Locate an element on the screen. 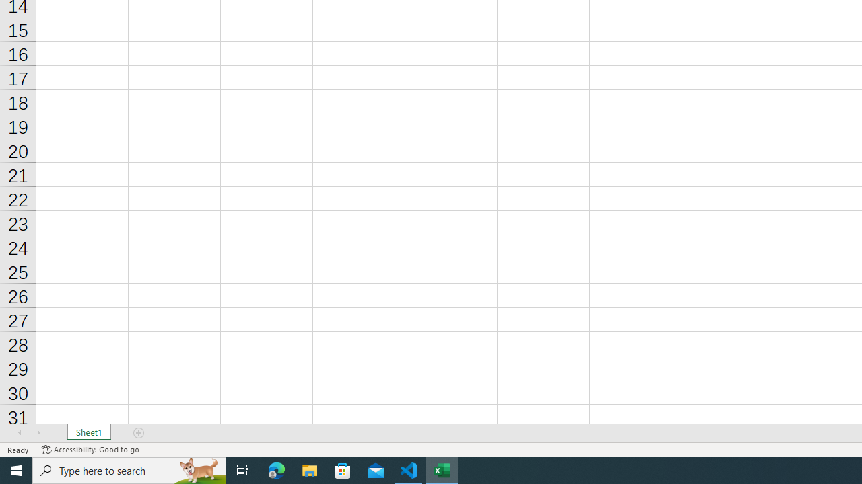 This screenshot has height=484, width=862. 'Accessibility Checker Accessibility: Good to go' is located at coordinates (90, 450).